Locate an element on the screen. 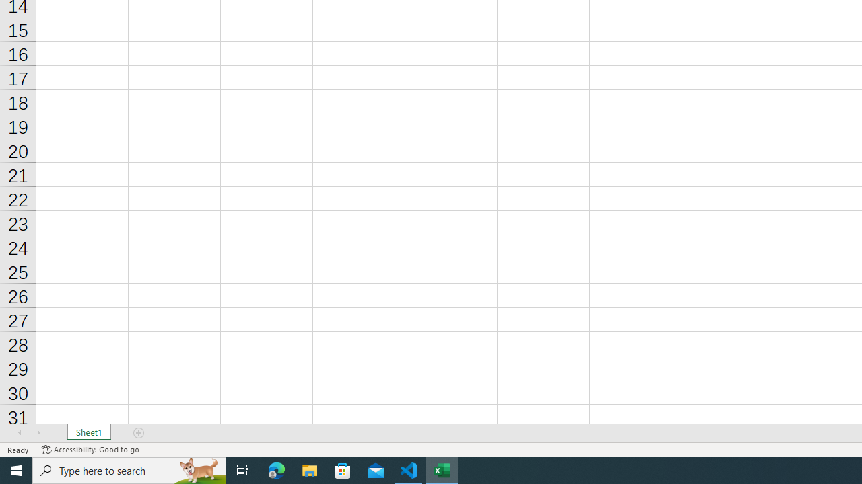 This screenshot has height=484, width=862. 'Accessibility Checker Accessibility: Good to go' is located at coordinates (90, 450).